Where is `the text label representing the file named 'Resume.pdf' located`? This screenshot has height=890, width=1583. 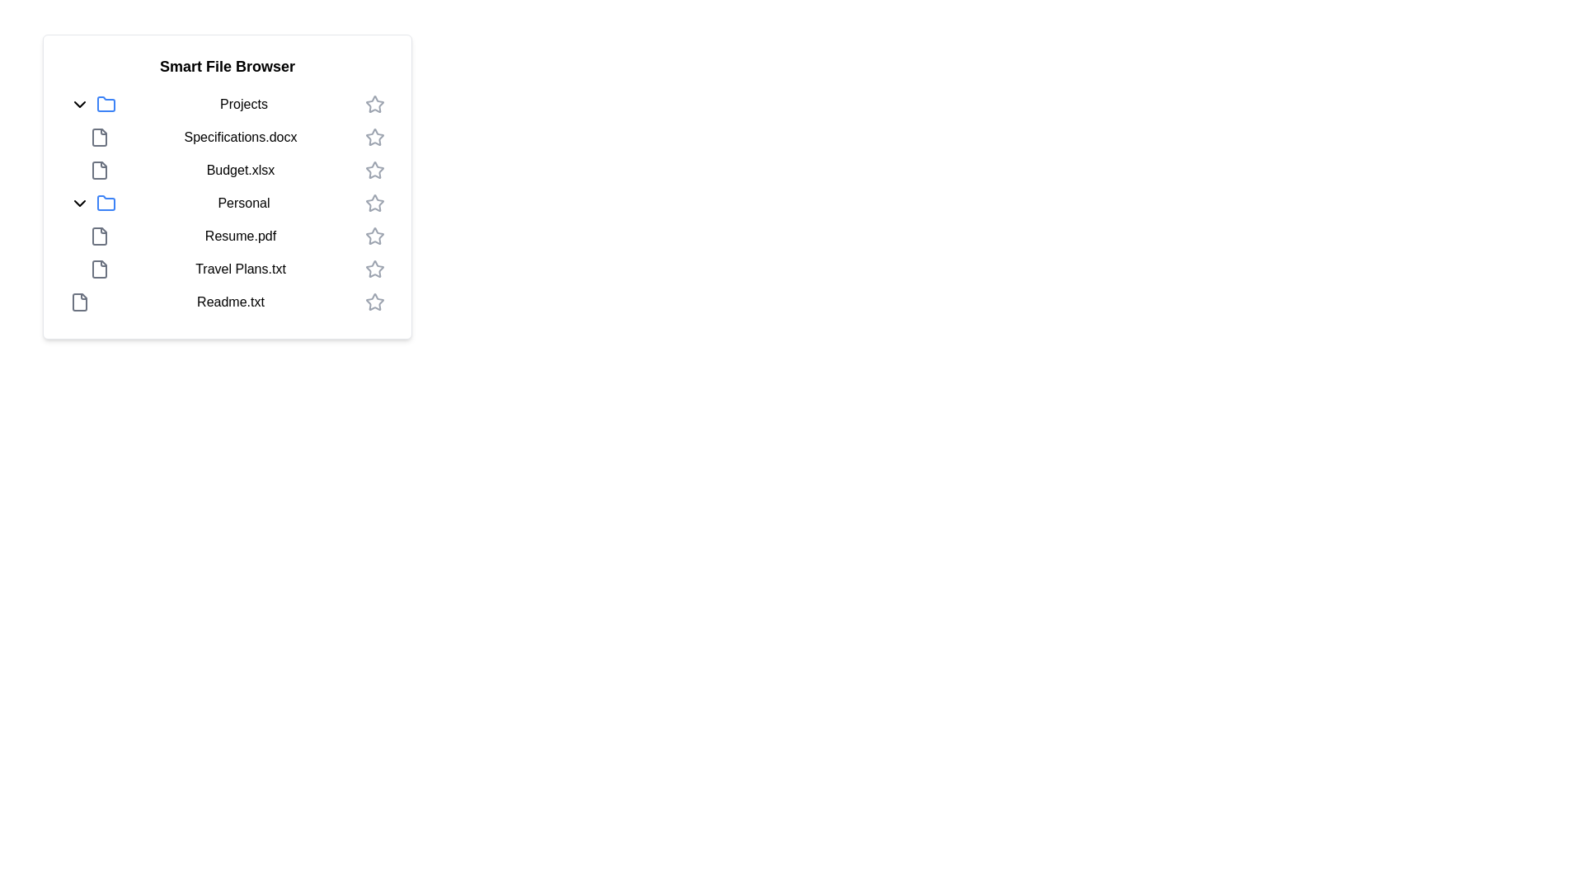 the text label representing the file named 'Resume.pdf' located is located at coordinates (240, 236).